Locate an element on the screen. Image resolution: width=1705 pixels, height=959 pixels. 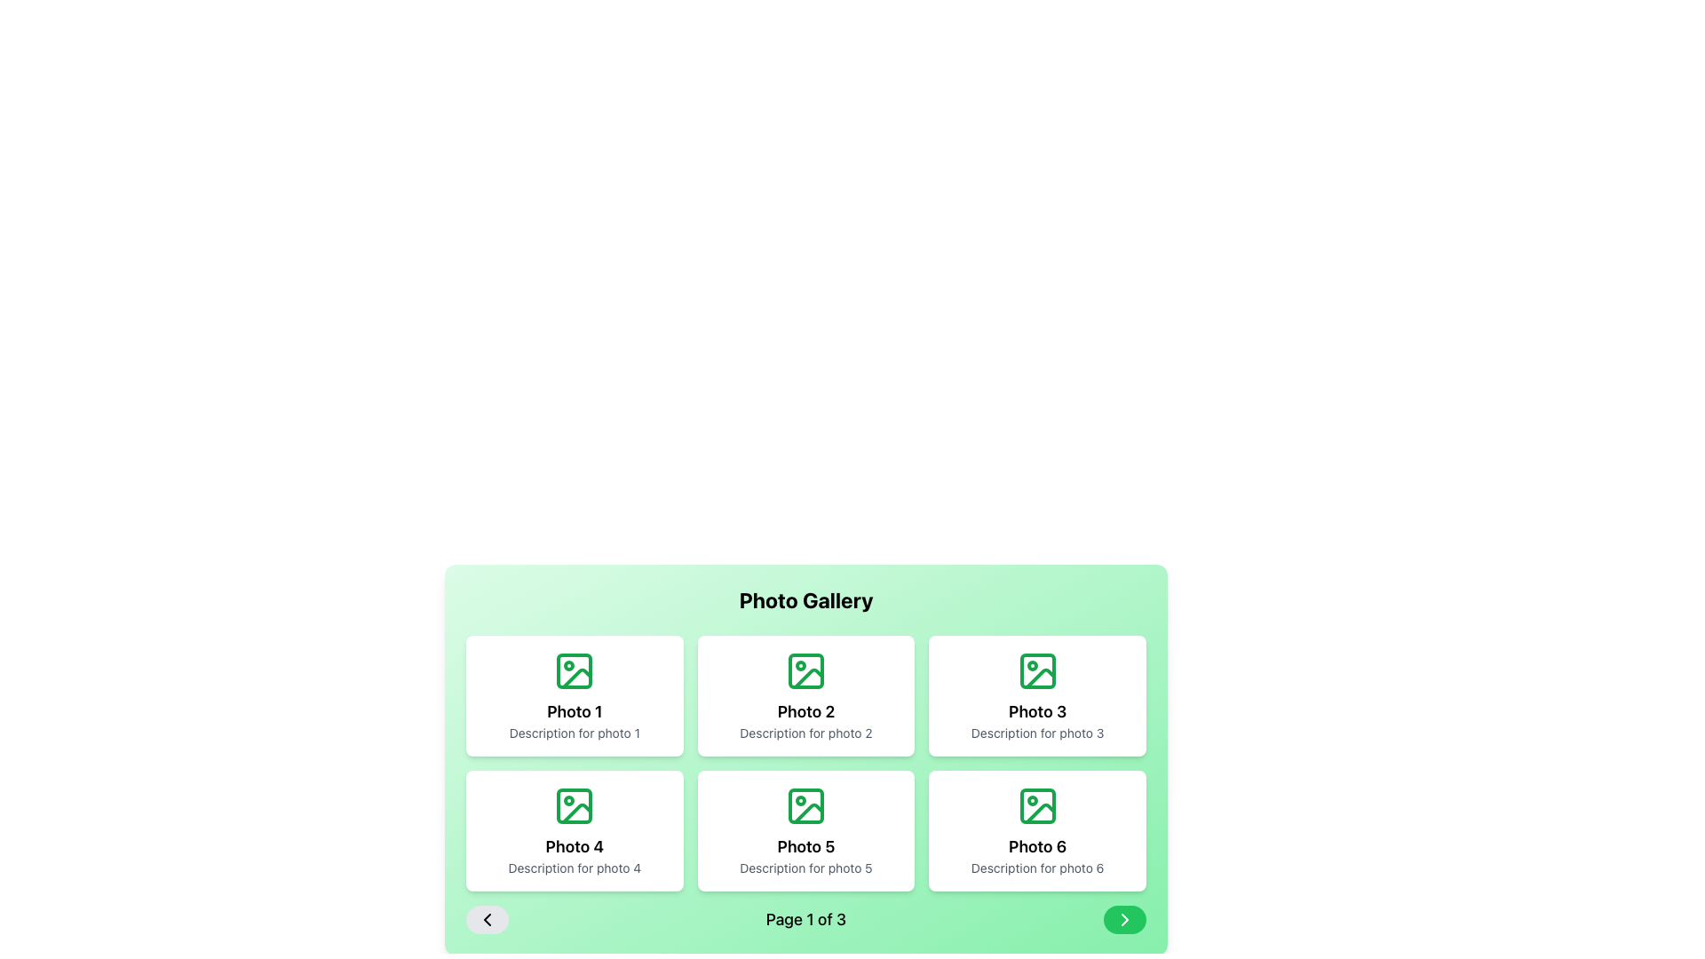
the pagination indicator located at the bottom center of the 'Photo Gallery' interface, which shows the current page number and total page count is located at coordinates (805, 919).